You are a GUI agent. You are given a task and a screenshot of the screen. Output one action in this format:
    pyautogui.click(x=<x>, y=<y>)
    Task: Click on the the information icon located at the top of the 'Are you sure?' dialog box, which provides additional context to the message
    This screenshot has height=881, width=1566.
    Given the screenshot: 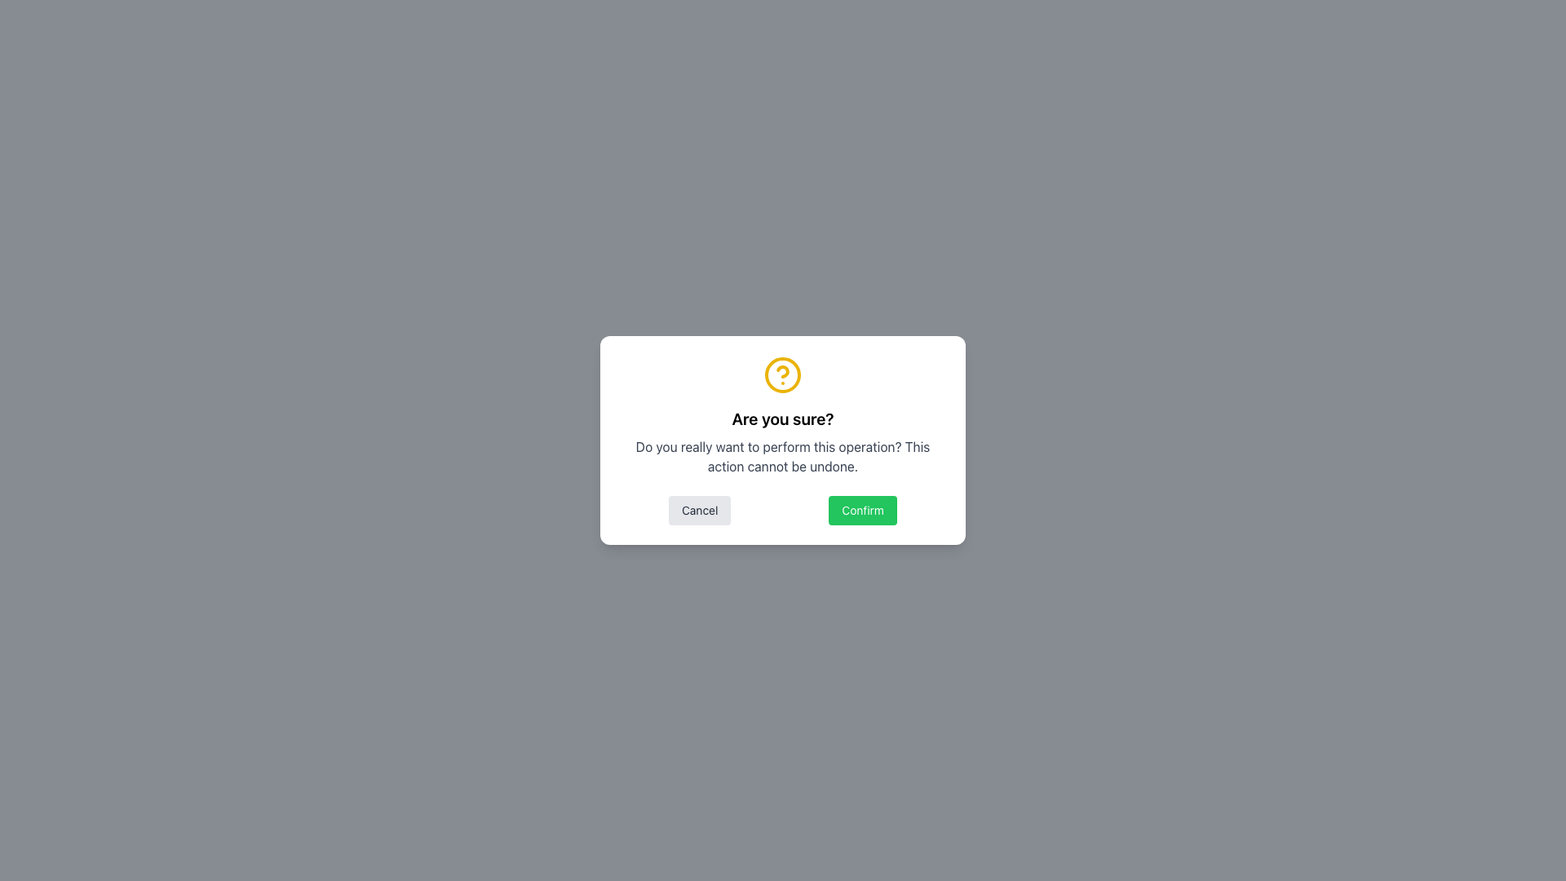 What is the action you would take?
    pyautogui.click(x=783, y=374)
    